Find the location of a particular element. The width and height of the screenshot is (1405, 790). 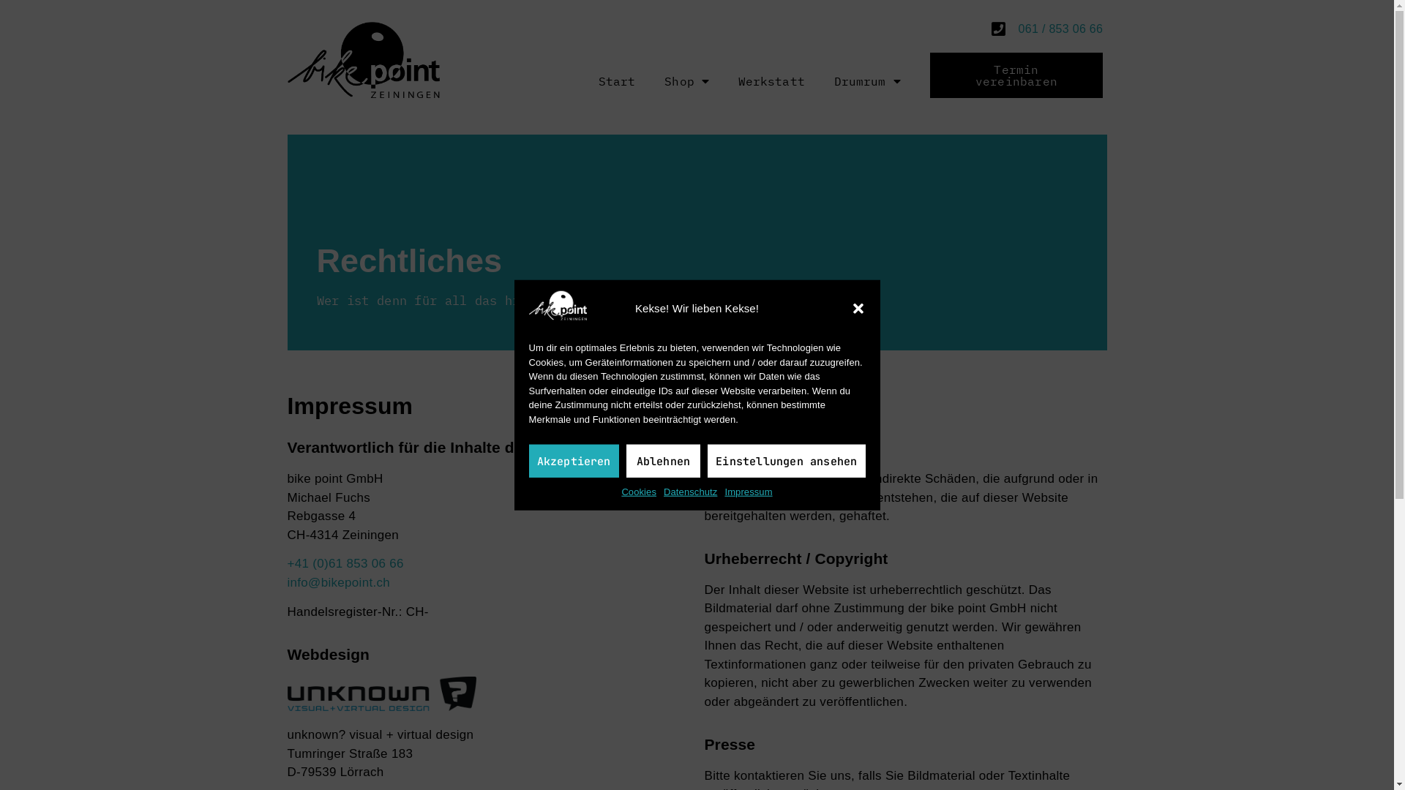

'Einstellungen ansehen' is located at coordinates (785, 461).